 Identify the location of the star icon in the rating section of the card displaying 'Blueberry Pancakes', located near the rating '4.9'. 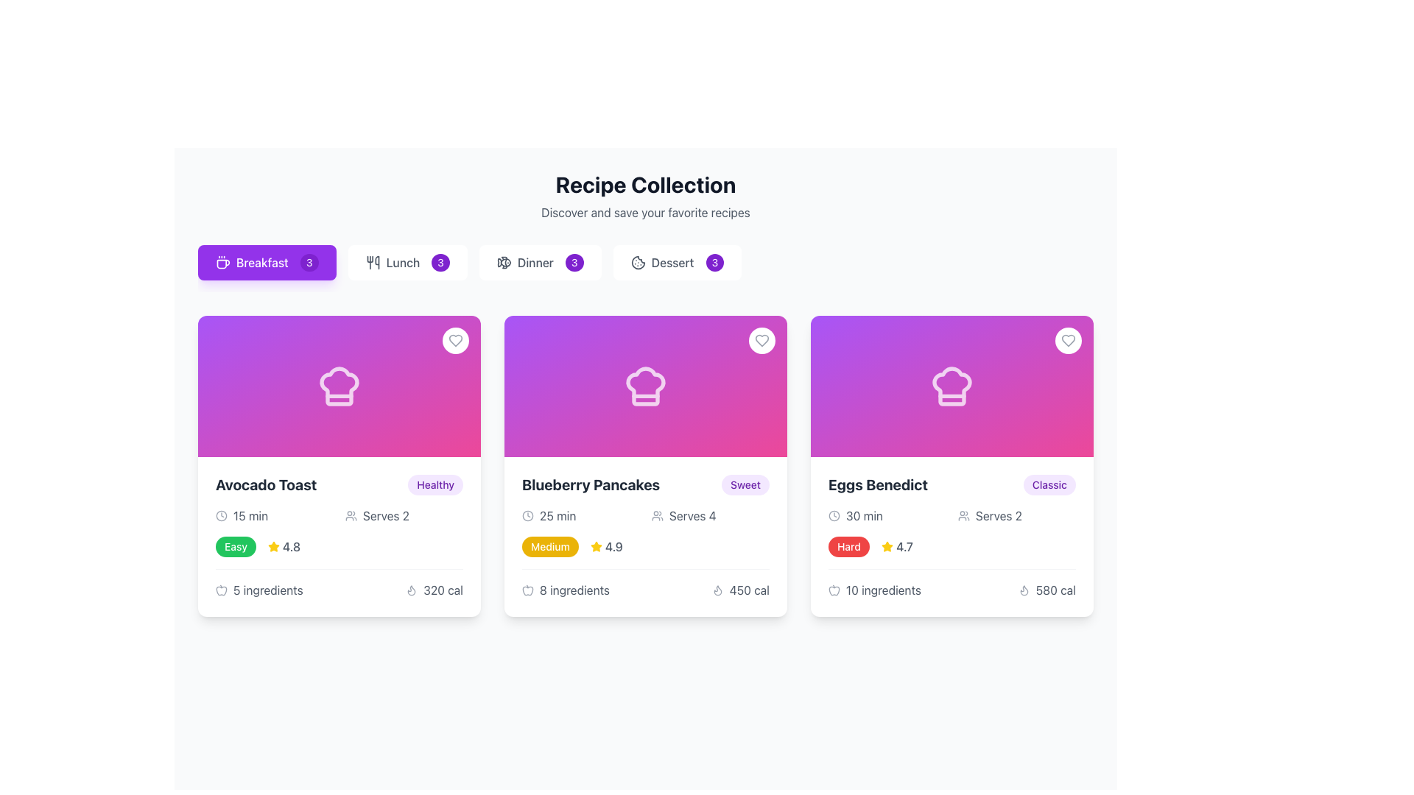
(596, 546).